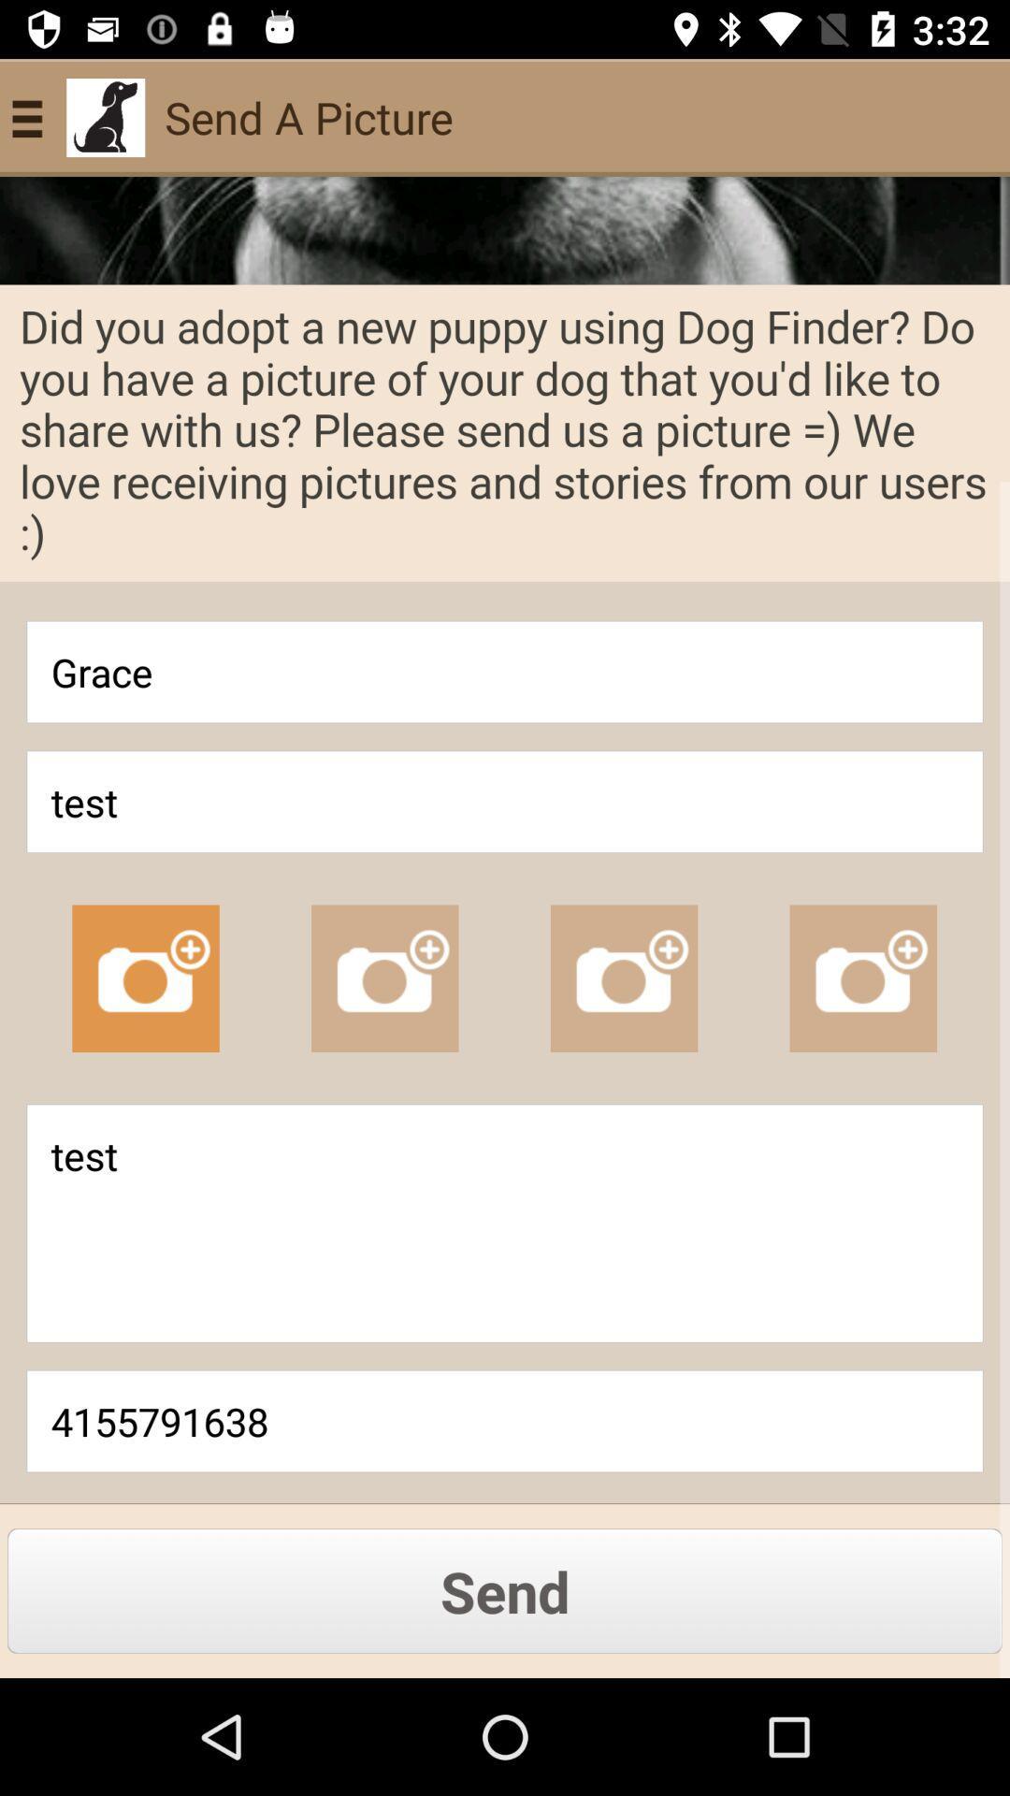 This screenshot has width=1010, height=1796. I want to click on the last button of the page, so click(505, 1589).